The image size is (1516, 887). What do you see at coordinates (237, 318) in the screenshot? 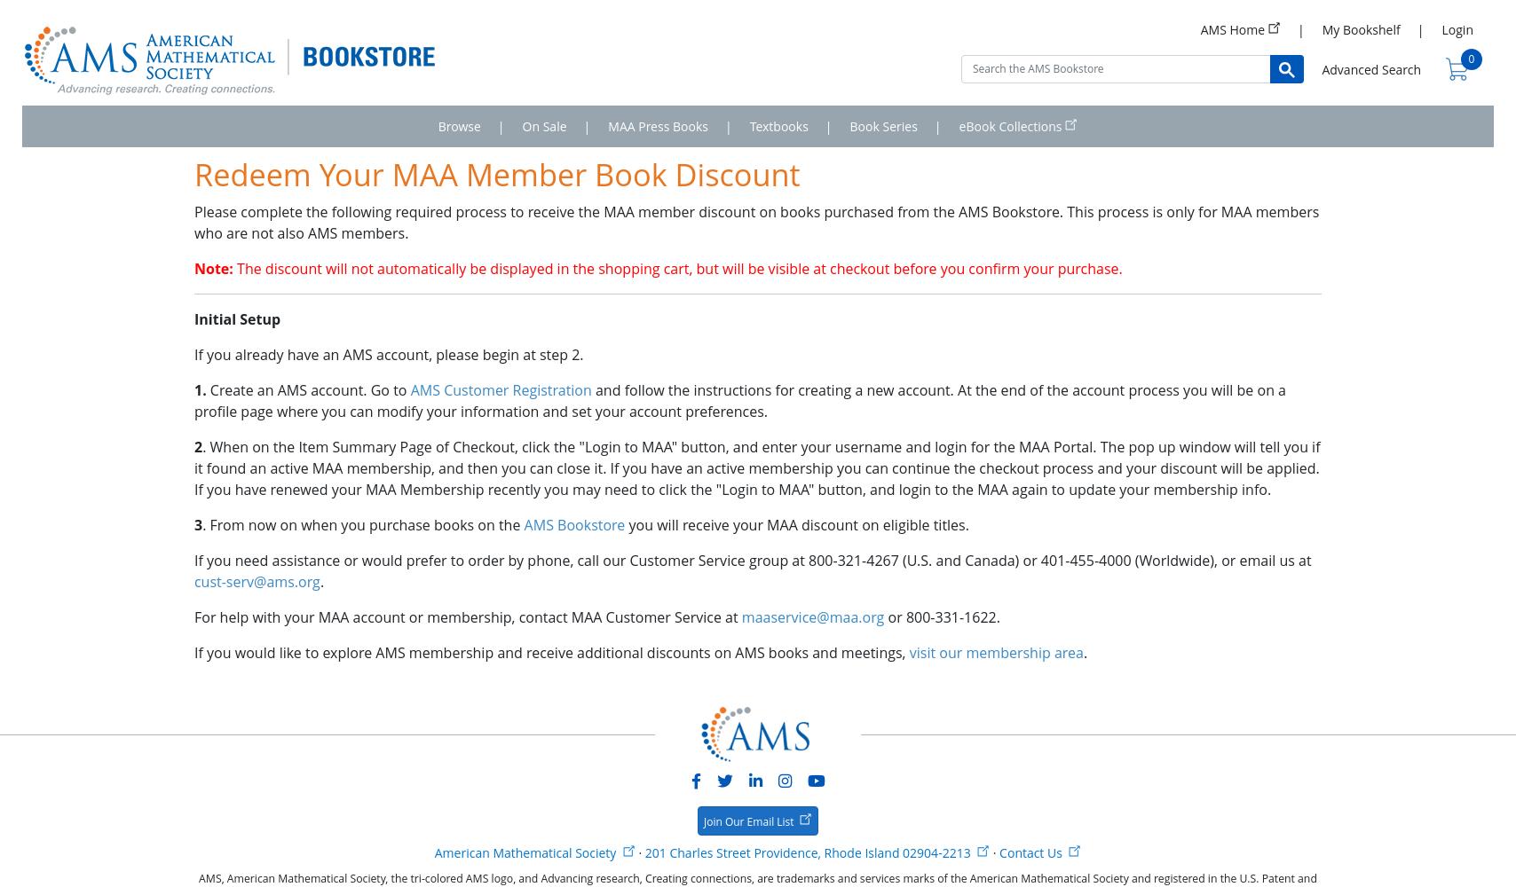
I see `'Initial Setup'` at bounding box center [237, 318].